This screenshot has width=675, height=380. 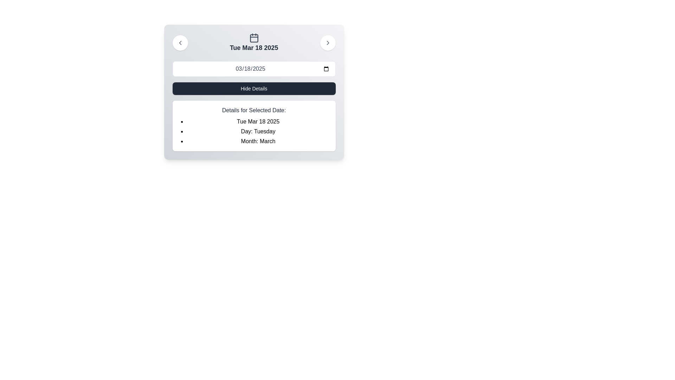 What do you see at coordinates (180, 43) in the screenshot?
I see `the Icon (Chevron Left) located in the top-left section of the user interface, which serves as a navigation button to move to the previous item or section` at bounding box center [180, 43].